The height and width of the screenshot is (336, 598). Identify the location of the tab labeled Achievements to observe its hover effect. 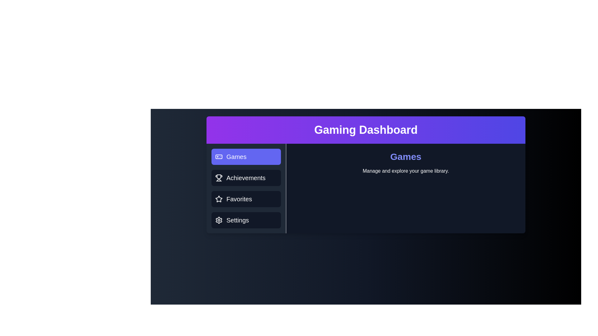
(246, 178).